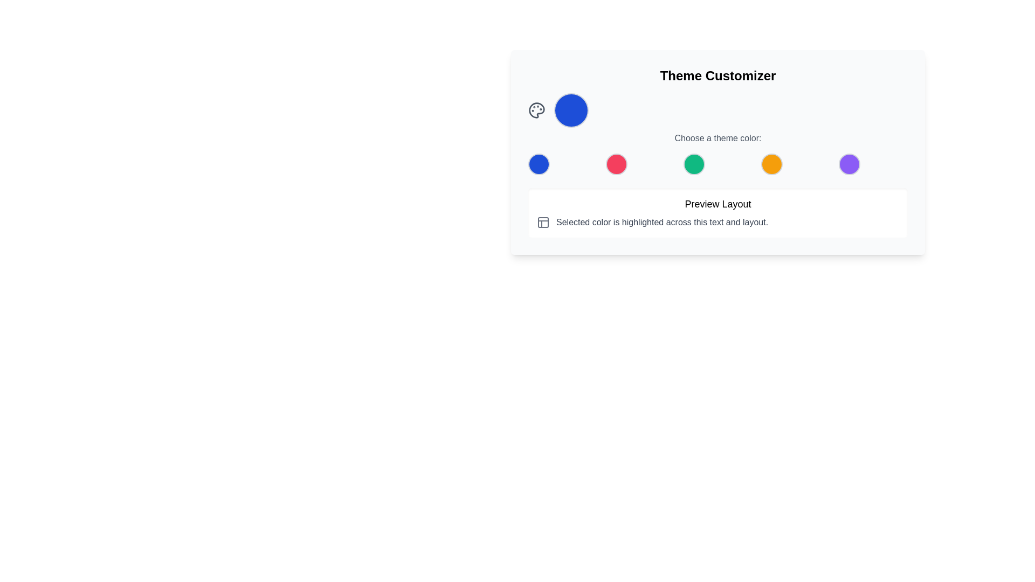 This screenshot has width=1035, height=582. I want to click on the colored circles within the 'Theme Customizer' panel for theme selection, so click(717, 152).